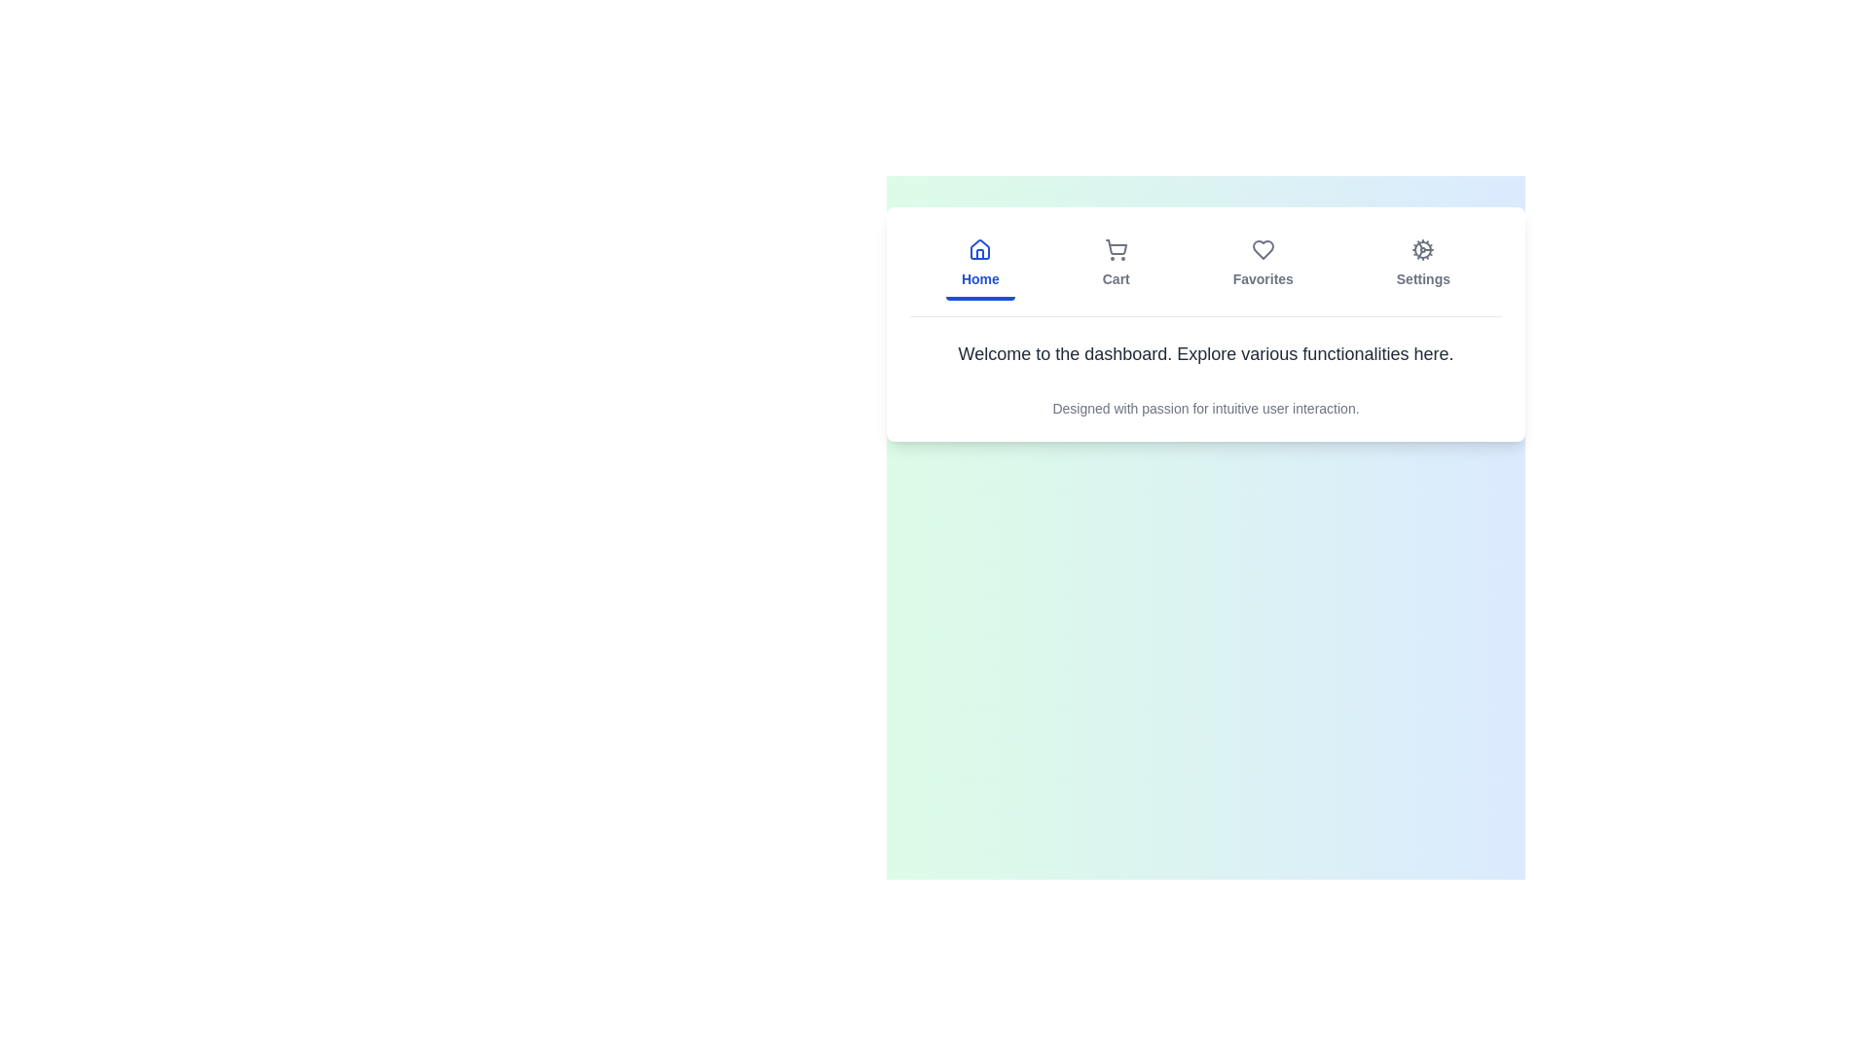 Image resolution: width=1869 pixels, height=1051 pixels. I want to click on the 'Settings' label located below the cogwheel icon in the top right section of the horizontal navigation bar, so click(1423, 278).